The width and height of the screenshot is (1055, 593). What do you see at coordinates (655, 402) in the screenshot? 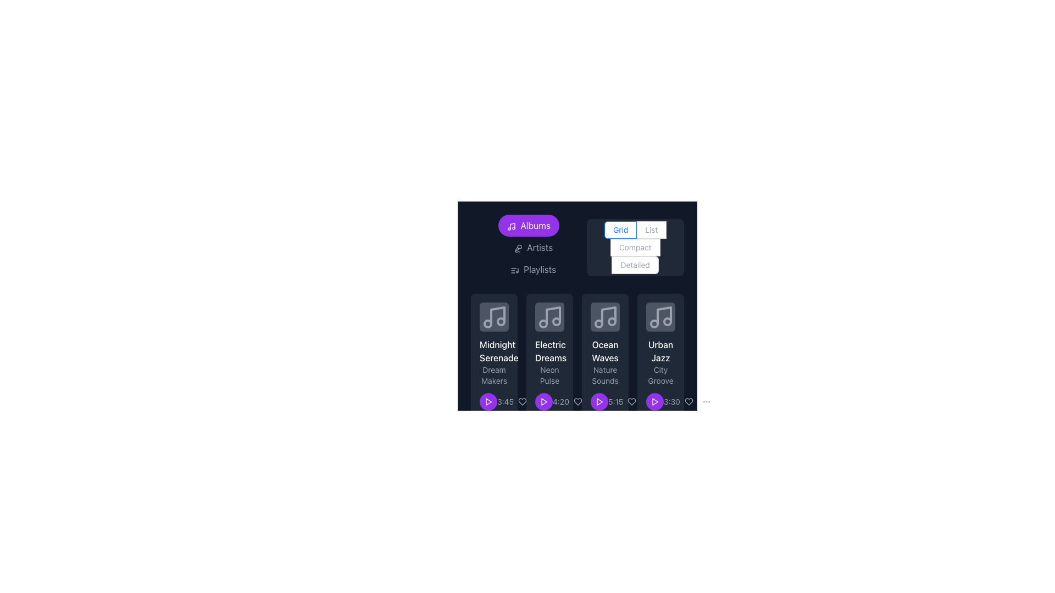
I see `the triangular play icon located at the bottom-right corner of the 'Urban Jazz' music card` at bounding box center [655, 402].